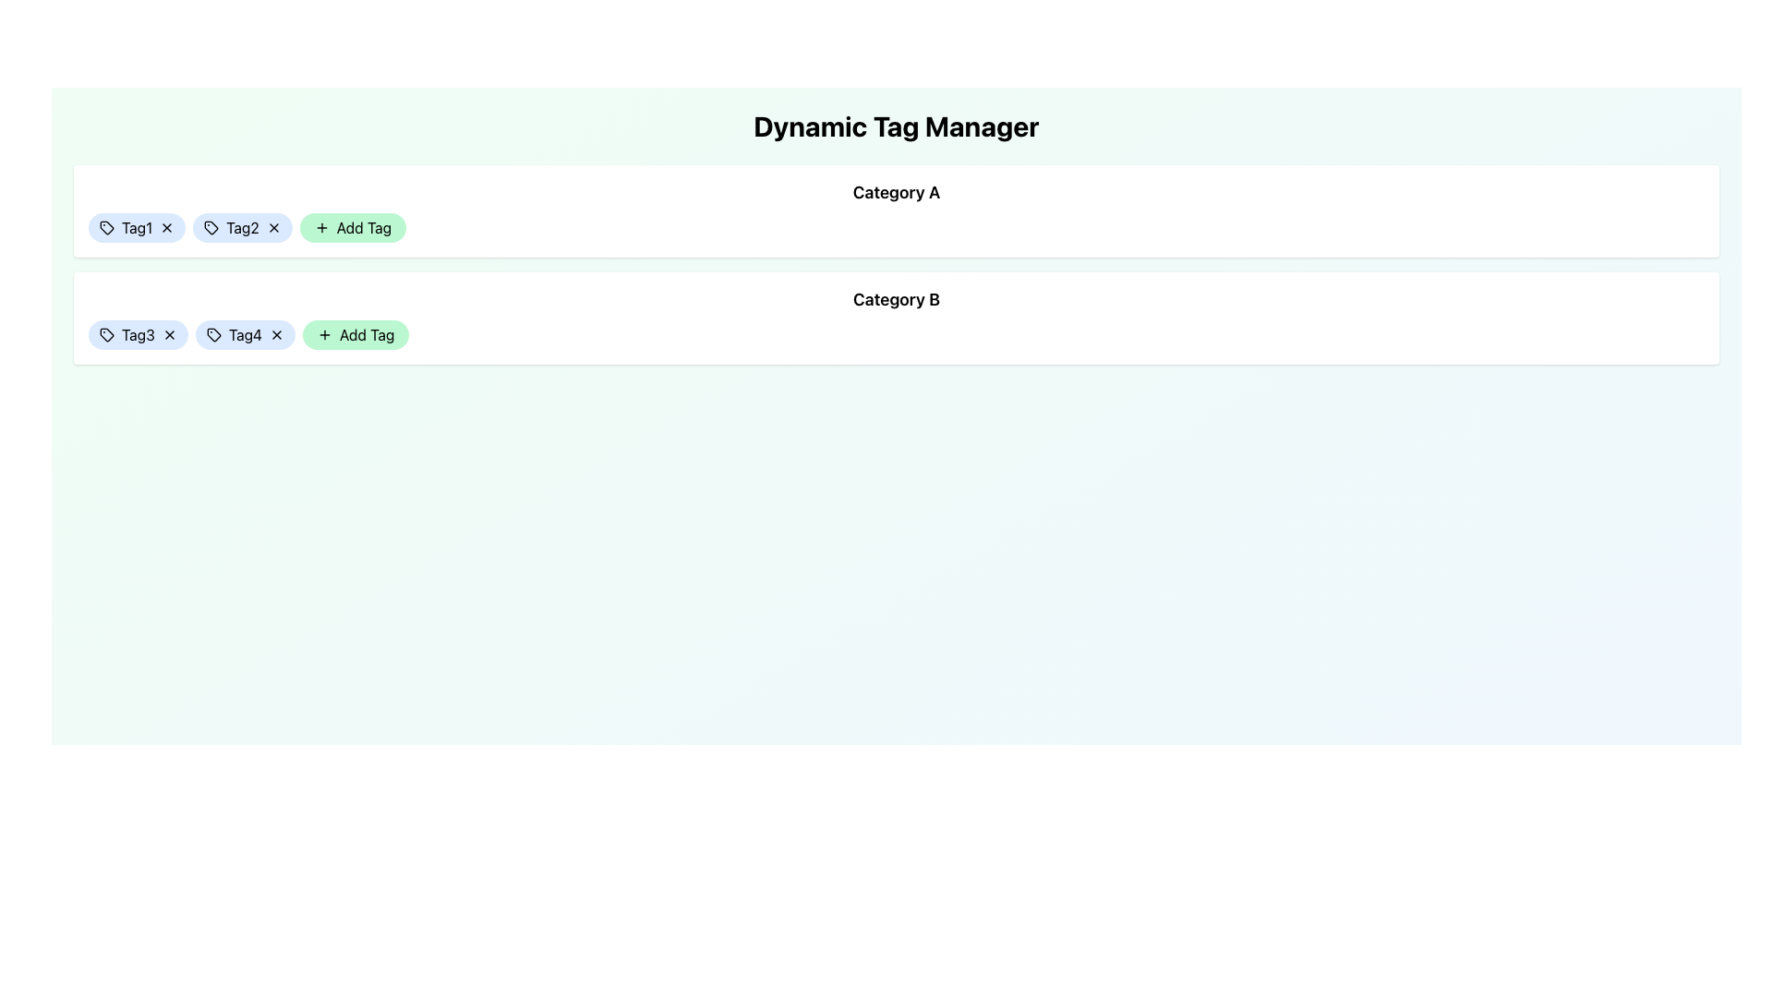 This screenshot has width=1773, height=997. Describe the element at coordinates (213, 334) in the screenshot. I see `the icon associated with the Tag4 label in Category B, which visually indicates the context of the text` at that location.